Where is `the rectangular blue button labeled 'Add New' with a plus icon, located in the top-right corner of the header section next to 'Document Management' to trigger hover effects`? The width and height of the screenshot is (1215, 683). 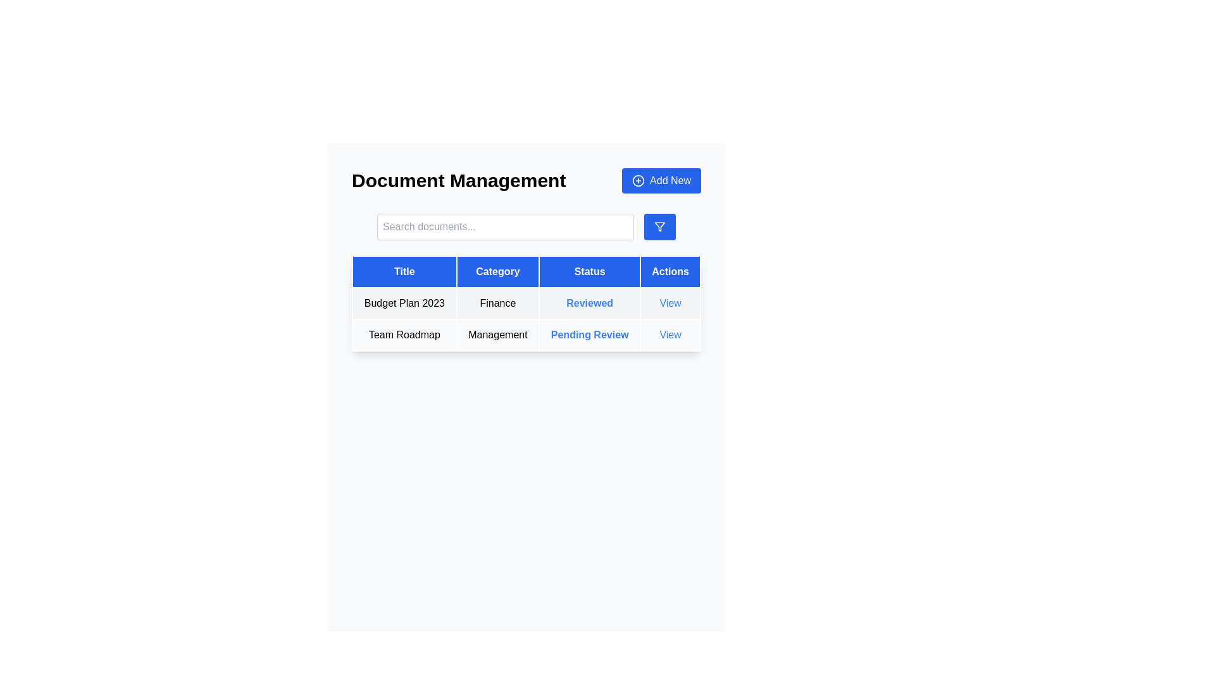
the rectangular blue button labeled 'Add New' with a plus icon, located in the top-right corner of the header section next to 'Document Management' to trigger hover effects is located at coordinates (661, 180).